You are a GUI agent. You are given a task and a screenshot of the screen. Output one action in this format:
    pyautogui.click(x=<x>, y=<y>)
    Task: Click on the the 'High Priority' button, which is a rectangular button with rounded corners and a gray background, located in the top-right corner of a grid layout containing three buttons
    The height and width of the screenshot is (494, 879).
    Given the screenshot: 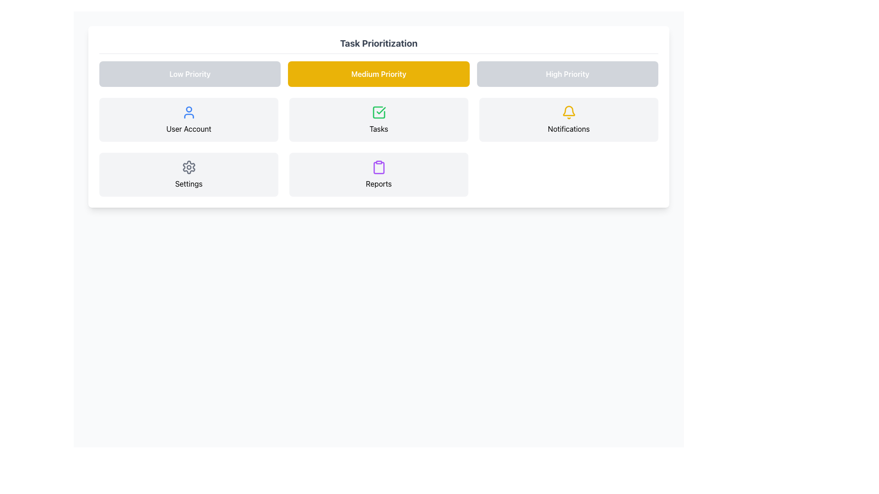 What is the action you would take?
    pyautogui.click(x=567, y=74)
    